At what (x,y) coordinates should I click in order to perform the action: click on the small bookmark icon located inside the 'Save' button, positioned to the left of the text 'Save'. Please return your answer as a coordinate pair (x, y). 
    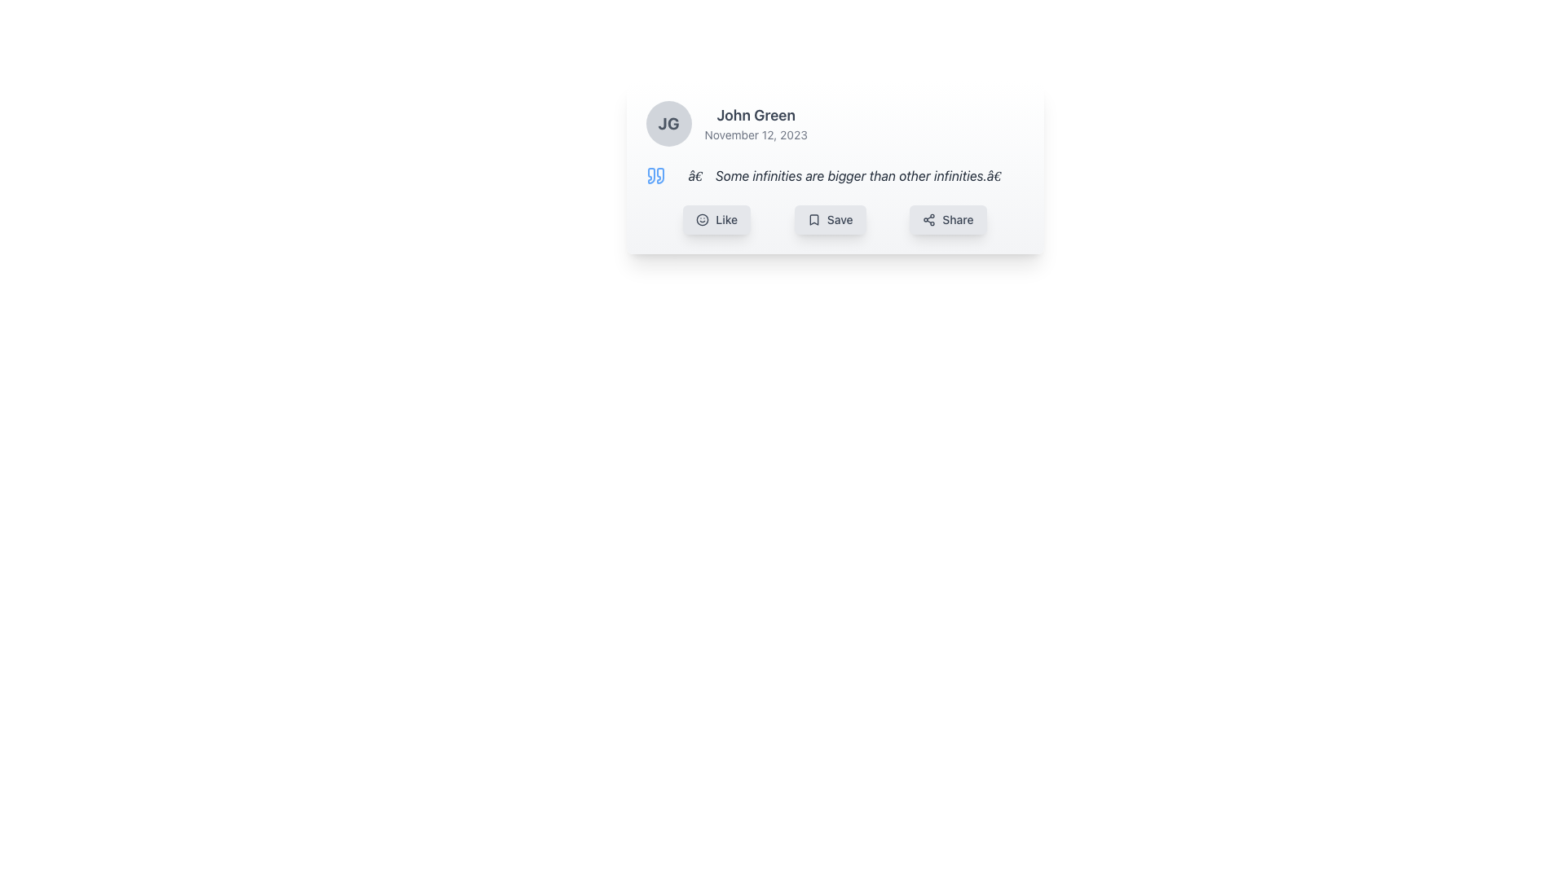
    Looking at the image, I should click on (813, 220).